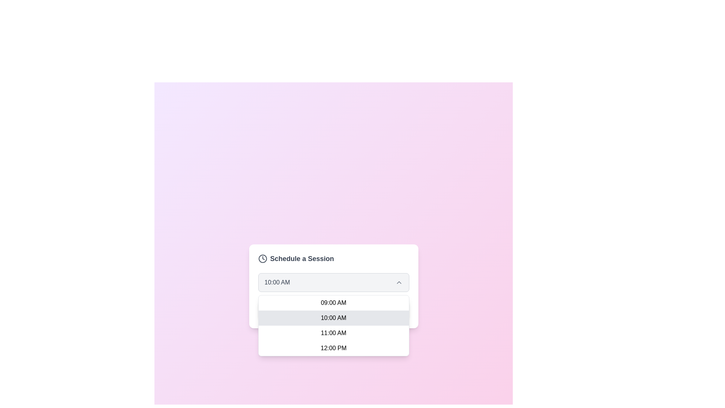  Describe the element at coordinates (262, 258) in the screenshot. I see `the small clock icon, which has a circular border and clock hands, located next to the 'Schedule a Session' text` at that location.